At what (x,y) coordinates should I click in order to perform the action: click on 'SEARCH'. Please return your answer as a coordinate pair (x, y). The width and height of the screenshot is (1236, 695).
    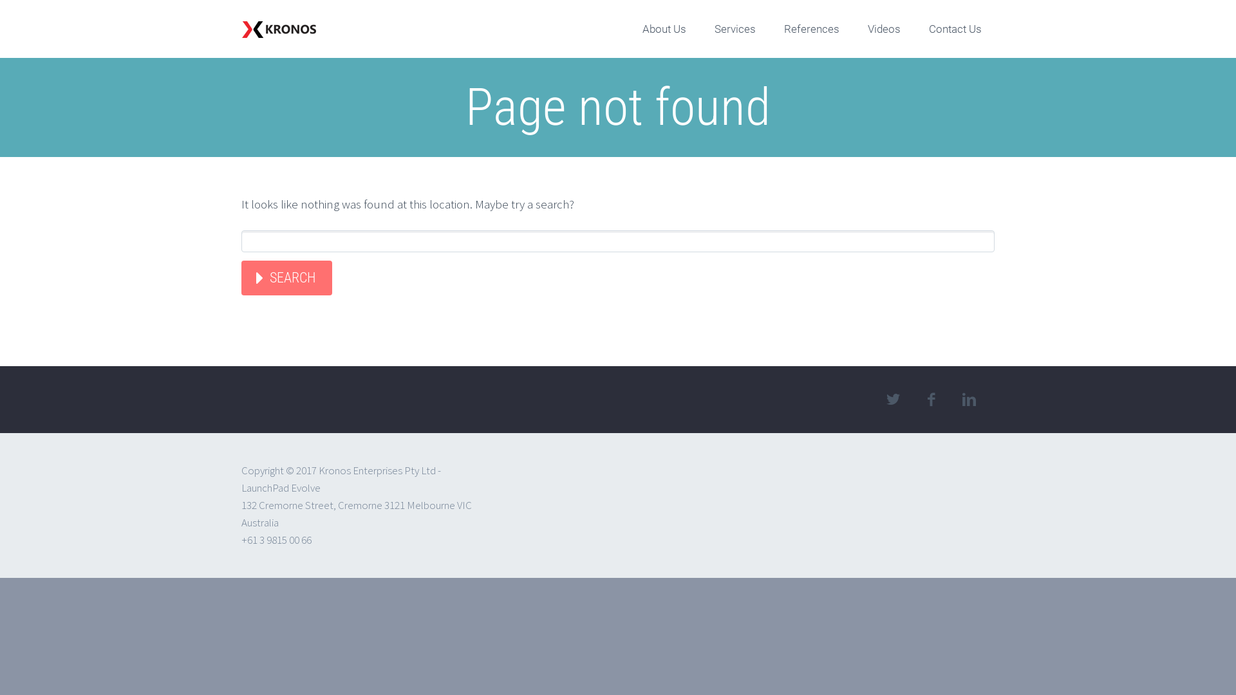
    Looking at the image, I should click on (241, 277).